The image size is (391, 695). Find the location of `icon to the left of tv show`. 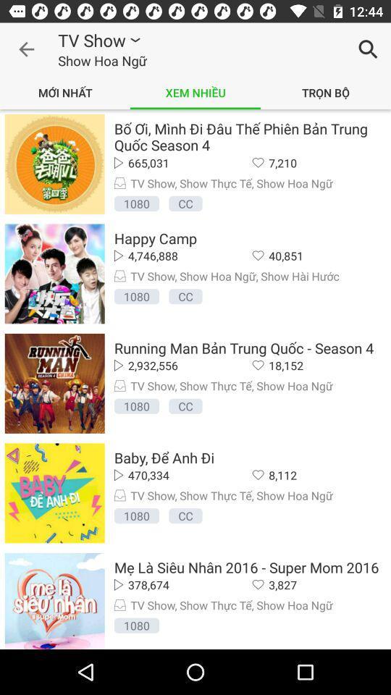

icon to the left of tv show is located at coordinates (26, 49).